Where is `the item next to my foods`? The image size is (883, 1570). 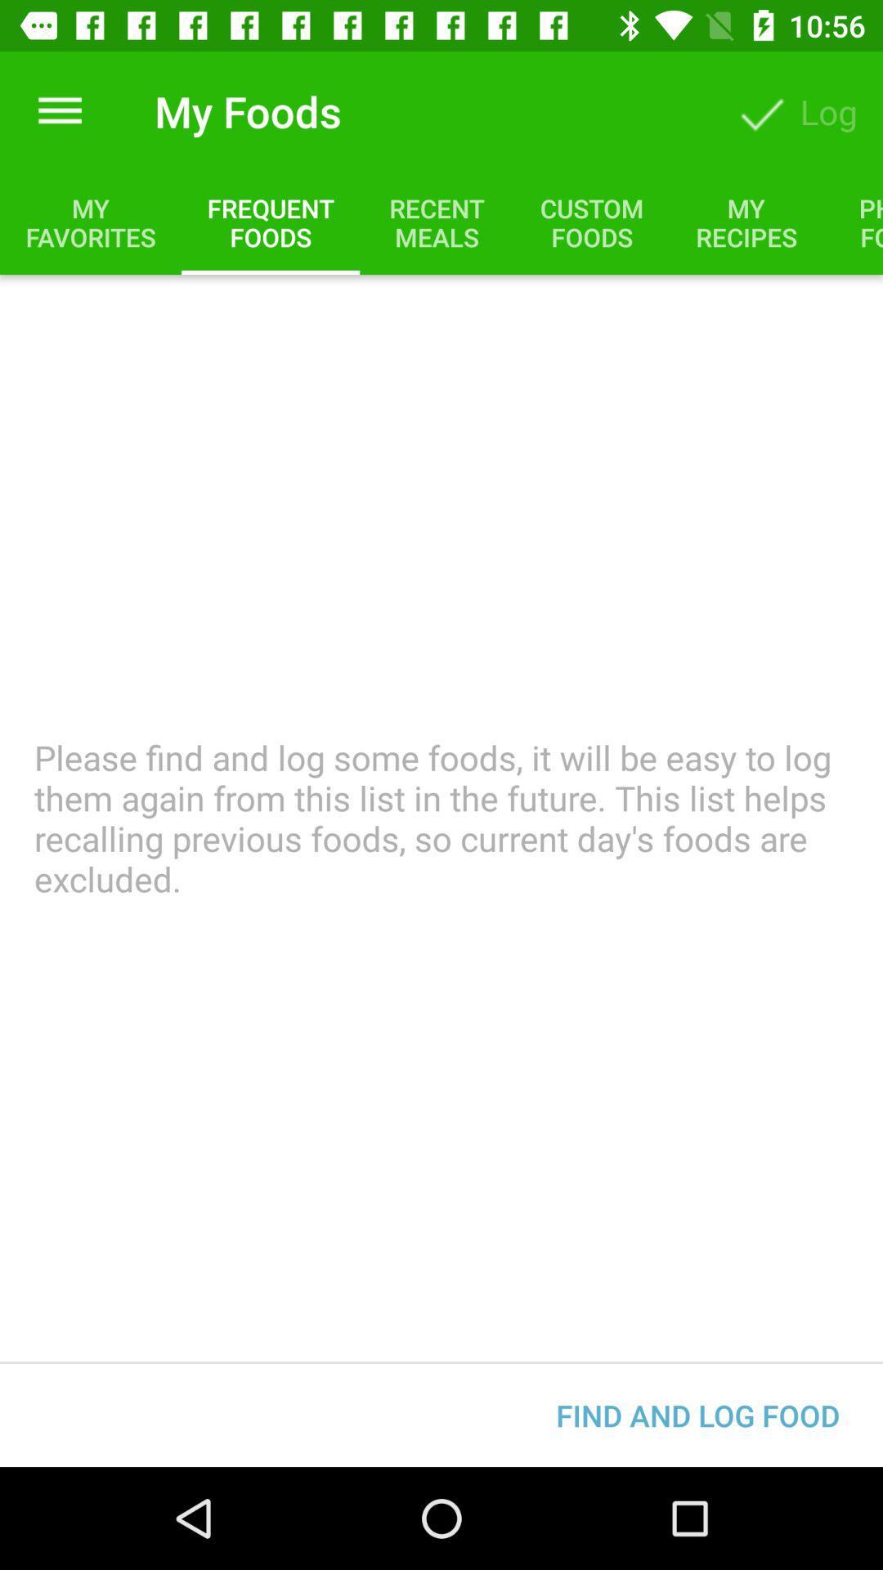 the item next to my foods is located at coordinates (59, 110).